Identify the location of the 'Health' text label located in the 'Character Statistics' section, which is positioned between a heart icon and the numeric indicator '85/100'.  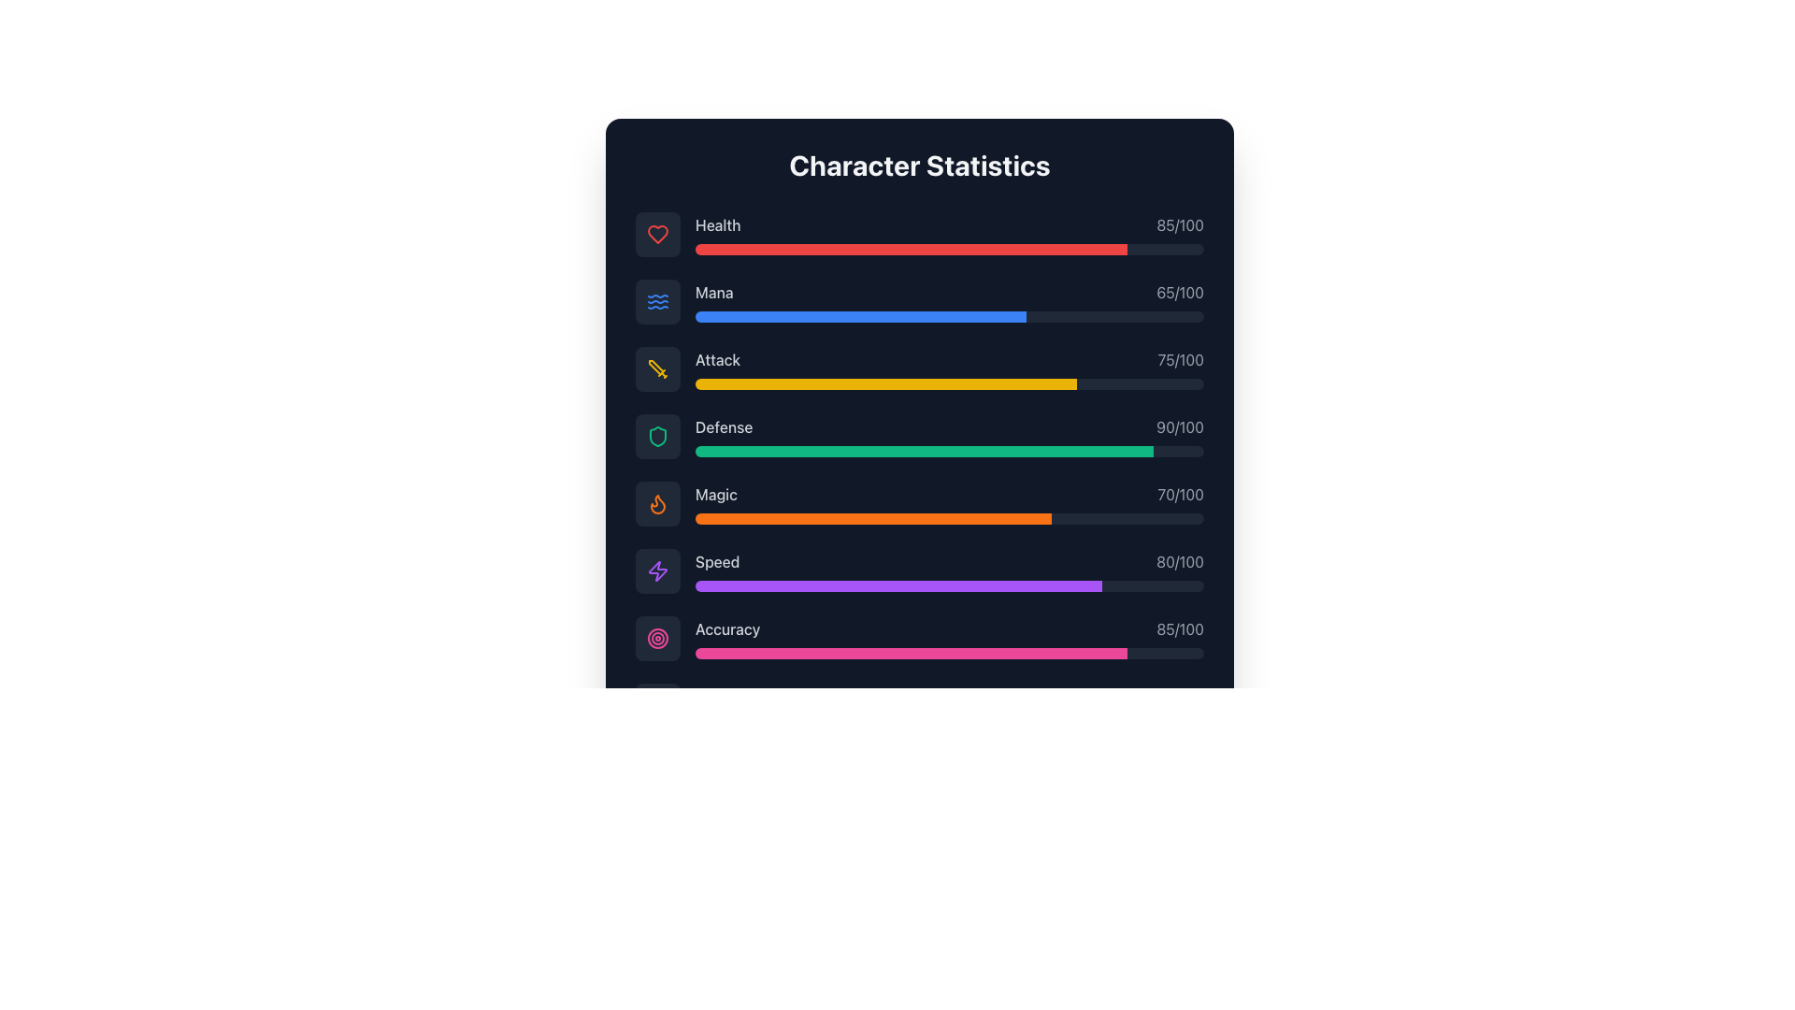
(717, 224).